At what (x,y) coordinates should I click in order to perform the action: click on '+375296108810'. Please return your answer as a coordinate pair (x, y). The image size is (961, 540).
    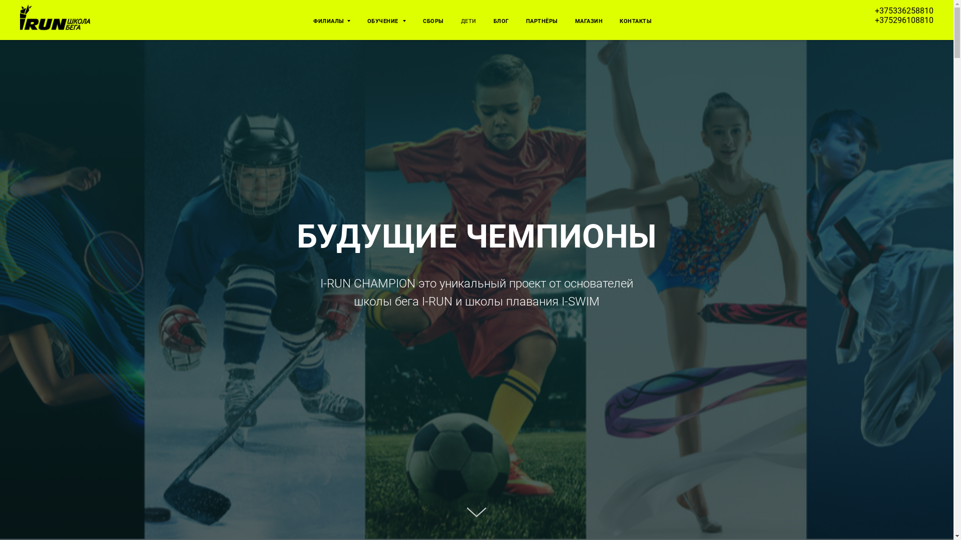
    Looking at the image, I should click on (874, 19).